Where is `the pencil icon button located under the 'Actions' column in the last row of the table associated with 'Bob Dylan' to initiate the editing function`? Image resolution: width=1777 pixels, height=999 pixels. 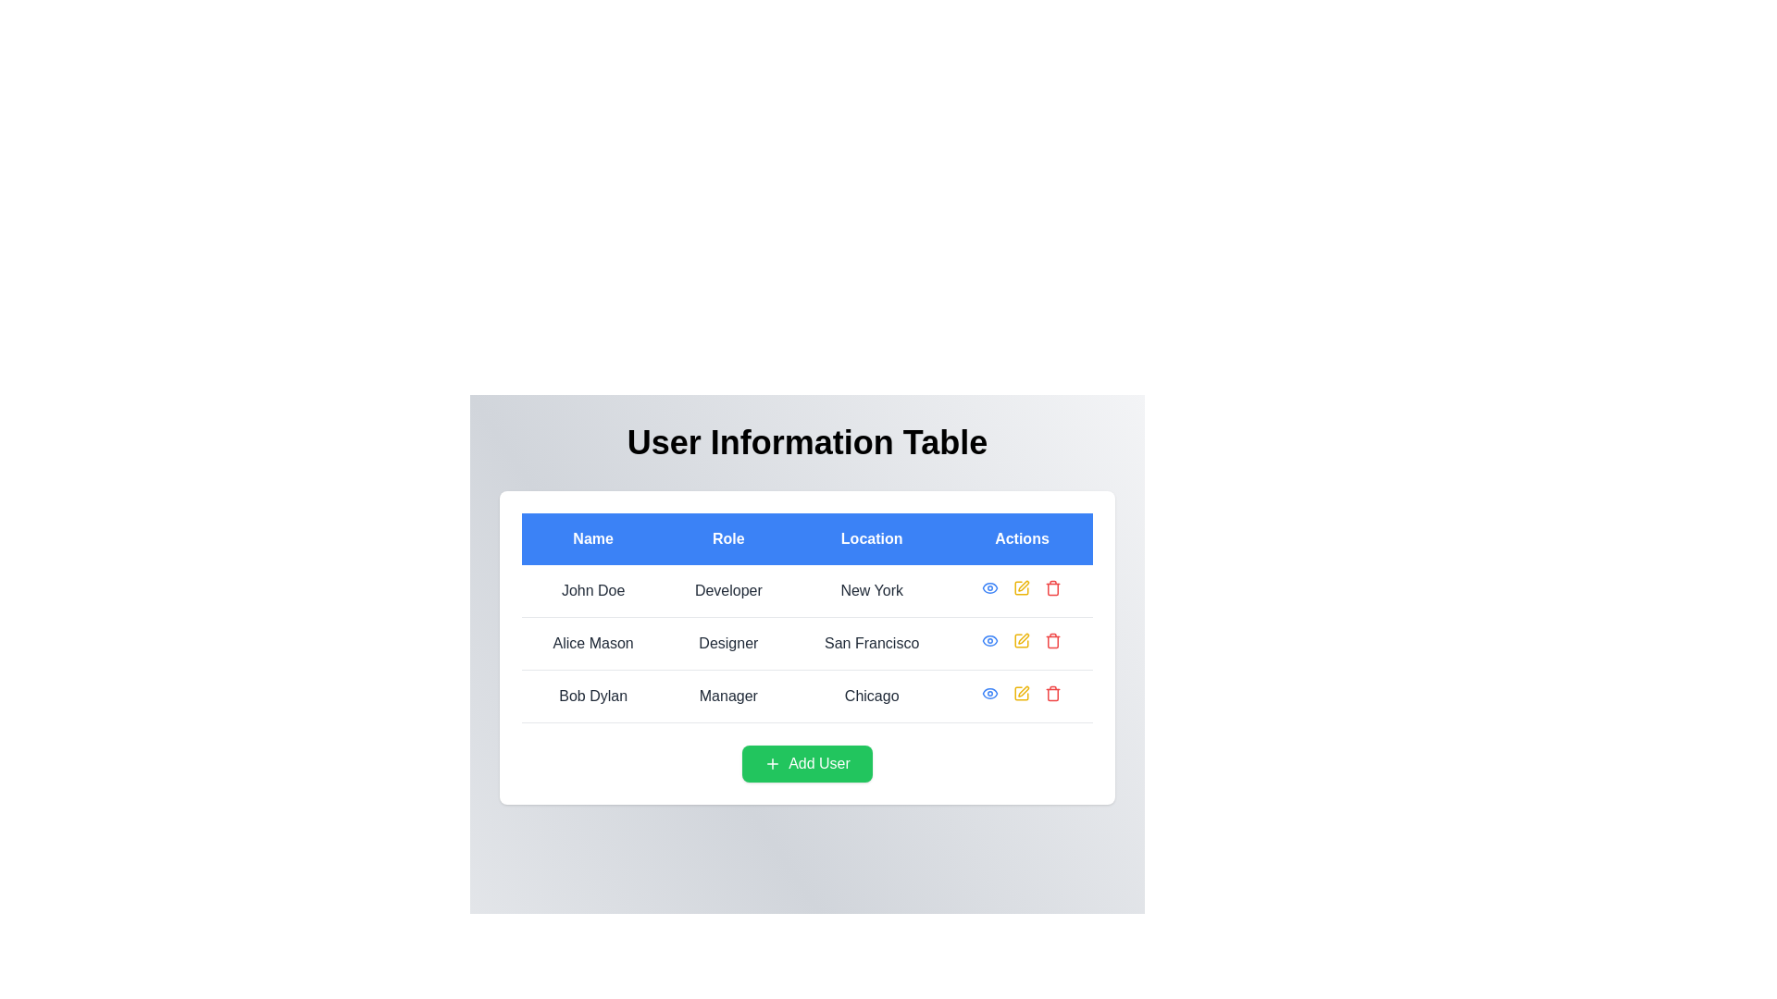
the pencil icon button located under the 'Actions' column in the last row of the table associated with 'Bob Dylan' to initiate the editing function is located at coordinates (1023, 691).